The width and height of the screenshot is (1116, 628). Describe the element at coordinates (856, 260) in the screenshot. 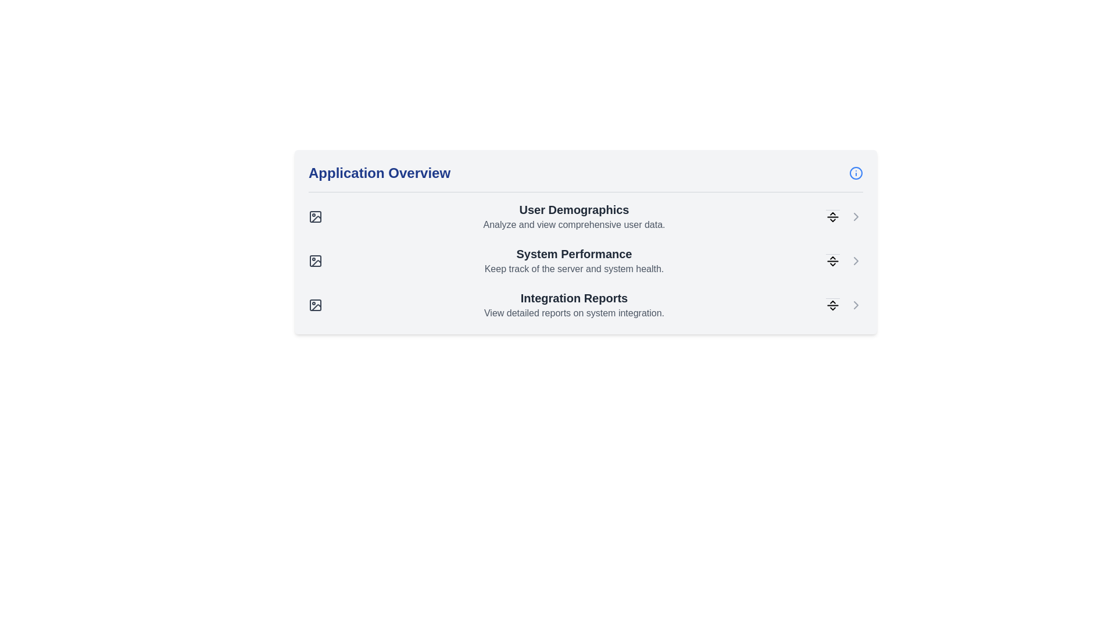

I see `the center part of the chevron right icon in the third entry of the list adjacent to the 'System Performance' text` at that location.